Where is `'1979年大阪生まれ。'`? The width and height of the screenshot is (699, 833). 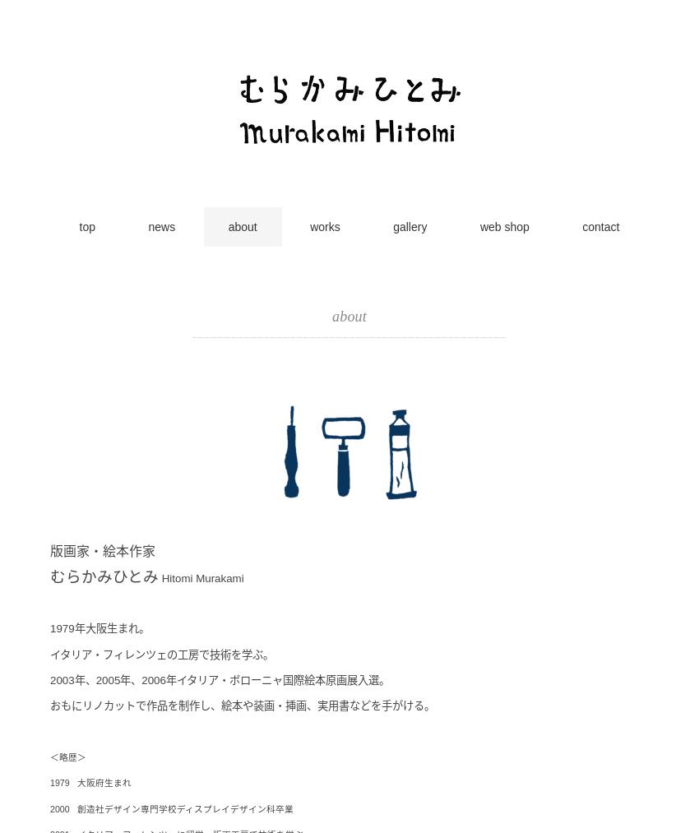 '1979年大阪生まれ。' is located at coordinates (99, 628).